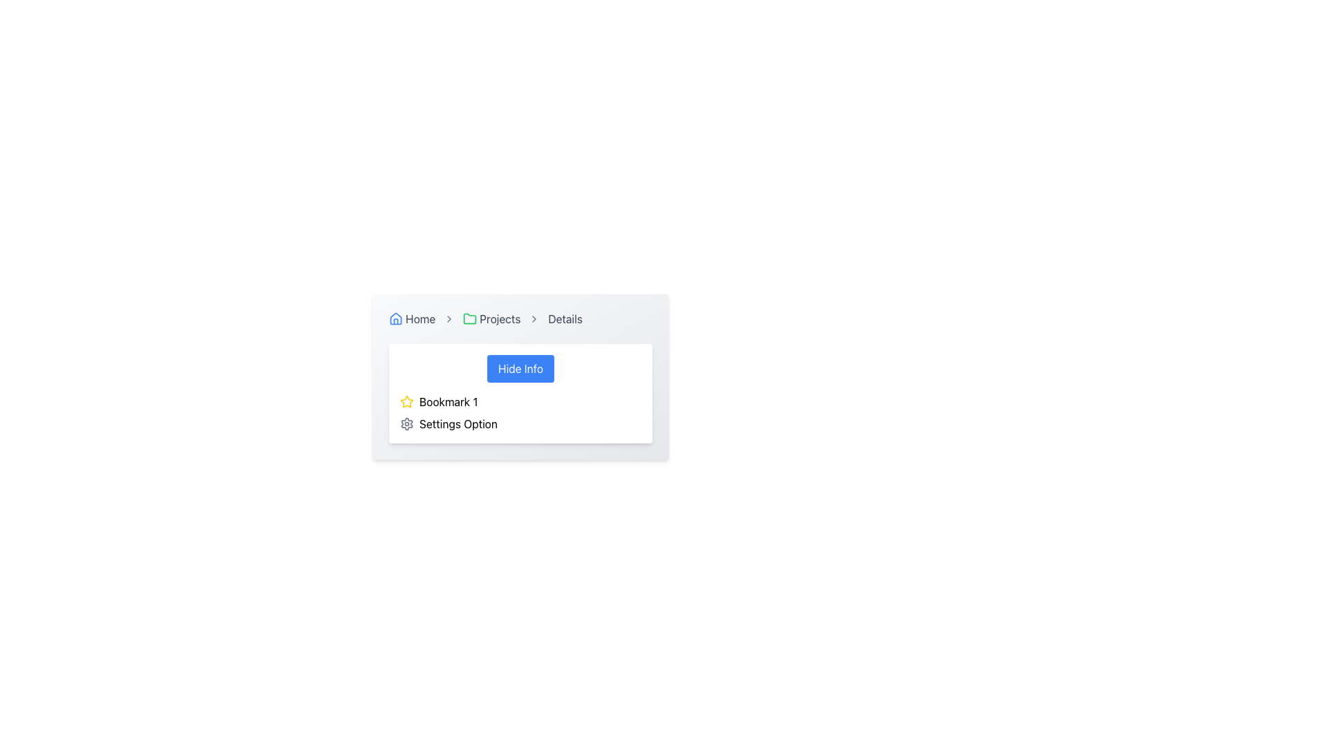 The image size is (1327, 746). What do you see at coordinates (491, 319) in the screenshot?
I see `the 'Projects' breadcrumb navigation item, which includes a green folder icon and a gray text label` at bounding box center [491, 319].